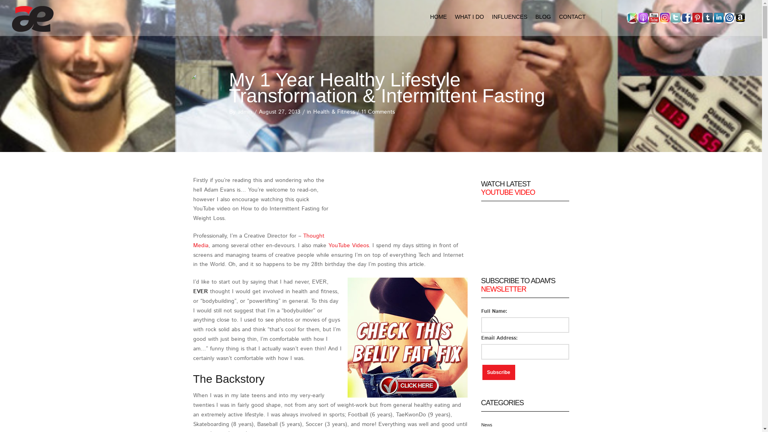 The width and height of the screenshot is (768, 432). What do you see at coordinates (691, 17) in the screenshot?
I see `'pinterest'` at bounding box center [691, 17].